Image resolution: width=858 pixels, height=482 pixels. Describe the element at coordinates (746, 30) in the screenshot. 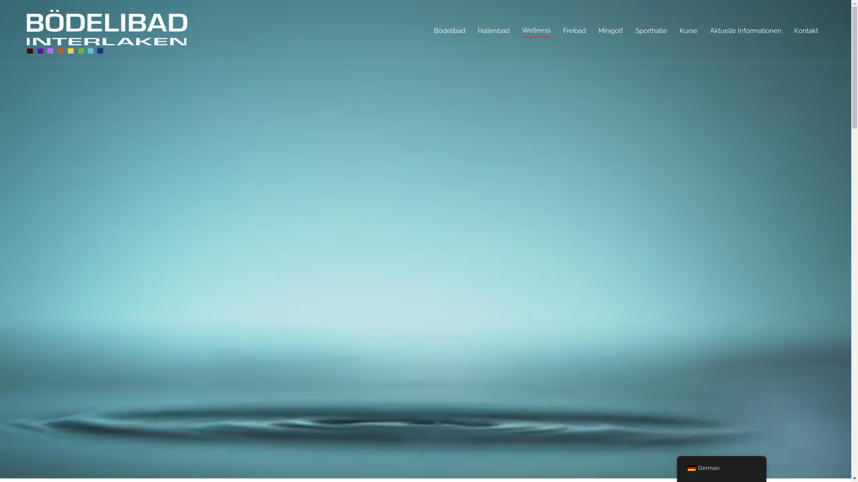

I see `'Aktuelle Informationen'` at that location.